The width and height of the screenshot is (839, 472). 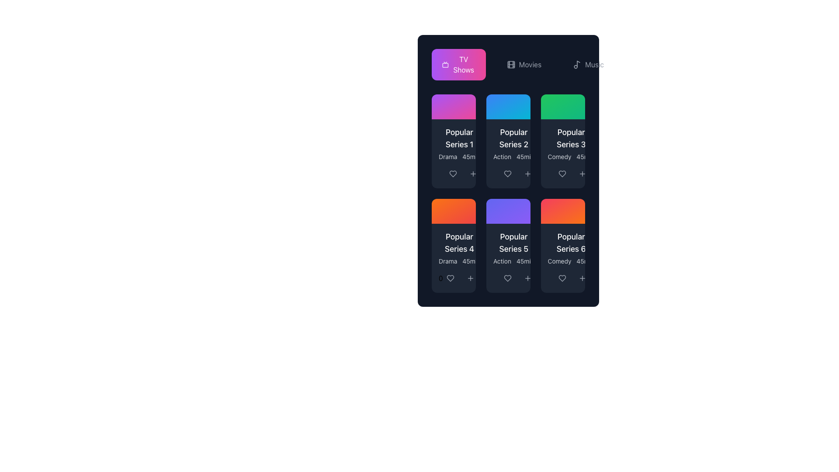 What do you see at coordinates (563, 106) in the screenshot?
I see `the decorative background area of the 'Popular Series 3' card, which is a rectangular gradient area transitioning from green to emerald located in the top-right portion of the grid` at bounding box center [563, 106].